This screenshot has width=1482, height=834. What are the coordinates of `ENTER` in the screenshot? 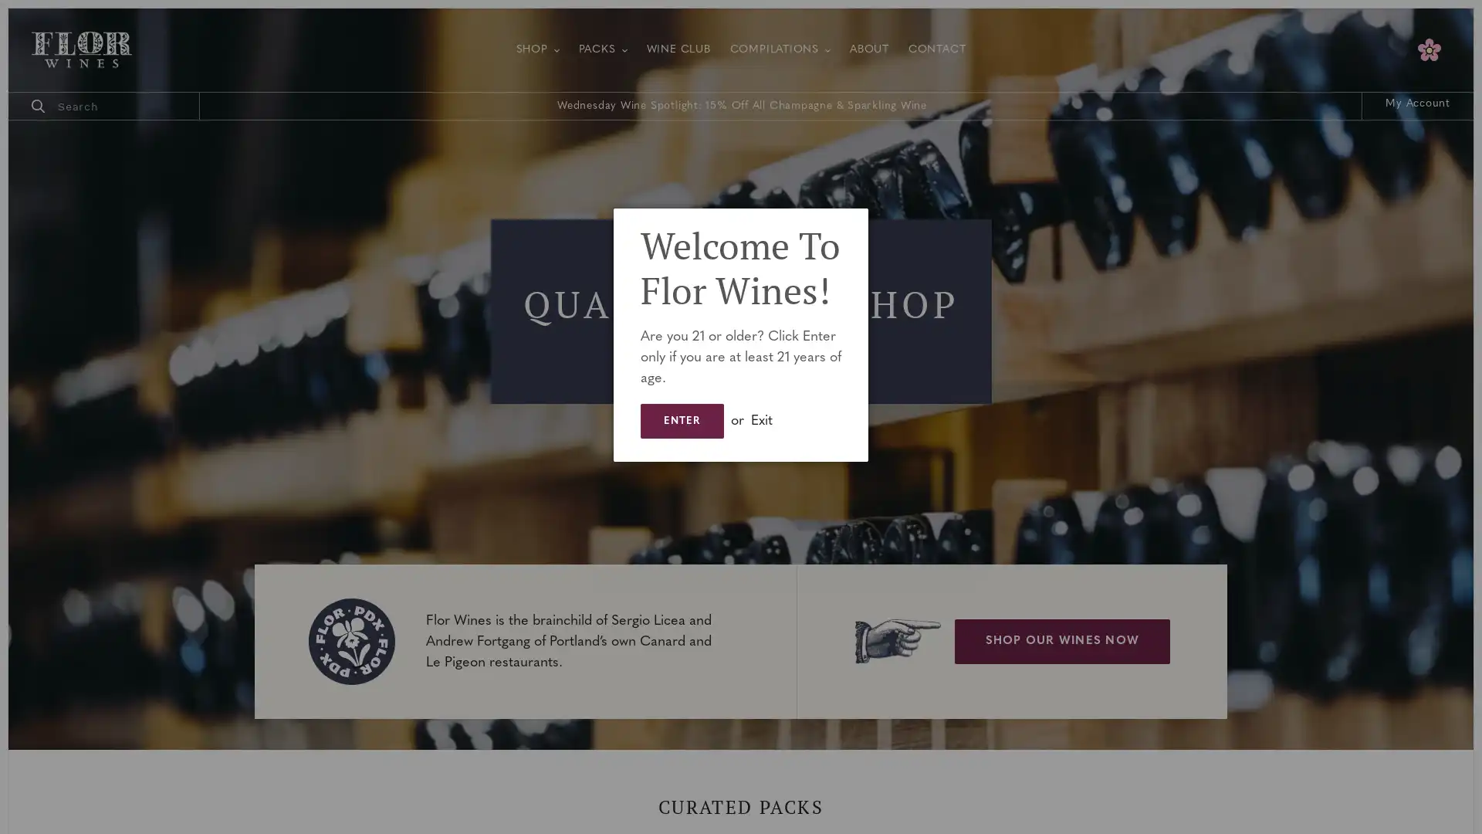 It's located at (681, 421).